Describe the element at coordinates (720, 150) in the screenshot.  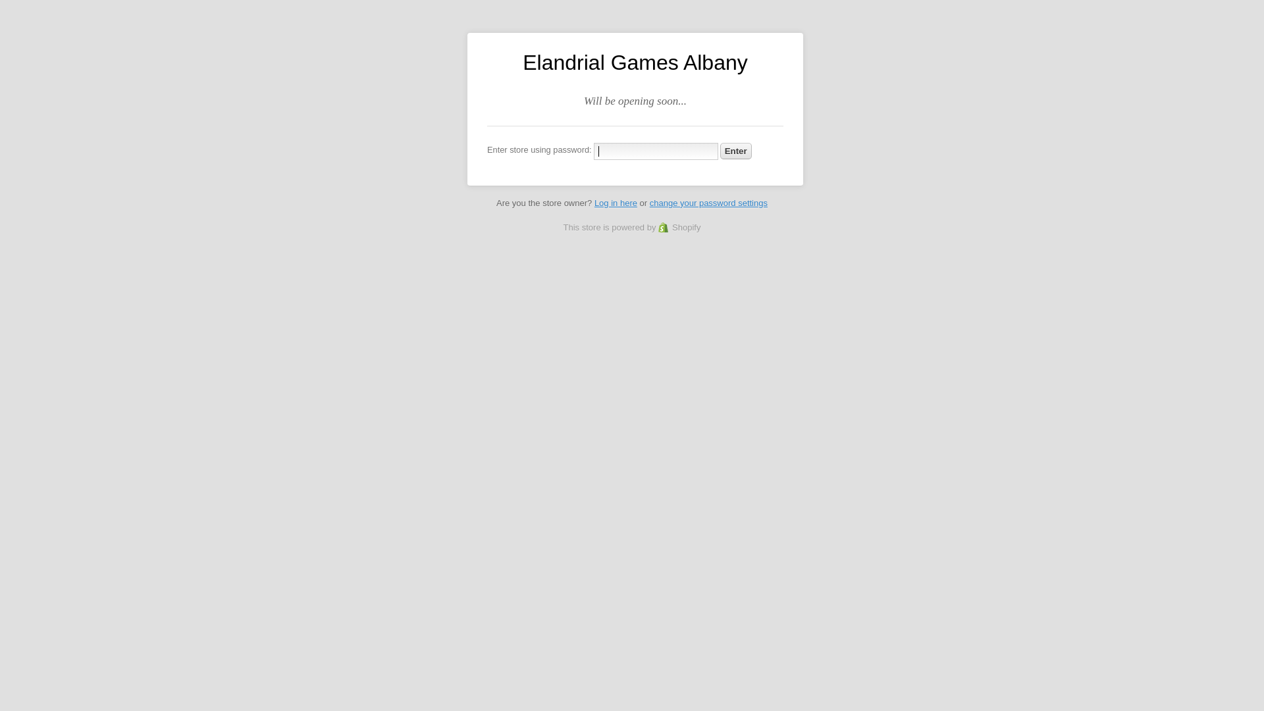
I see `'Enter'` at that location.